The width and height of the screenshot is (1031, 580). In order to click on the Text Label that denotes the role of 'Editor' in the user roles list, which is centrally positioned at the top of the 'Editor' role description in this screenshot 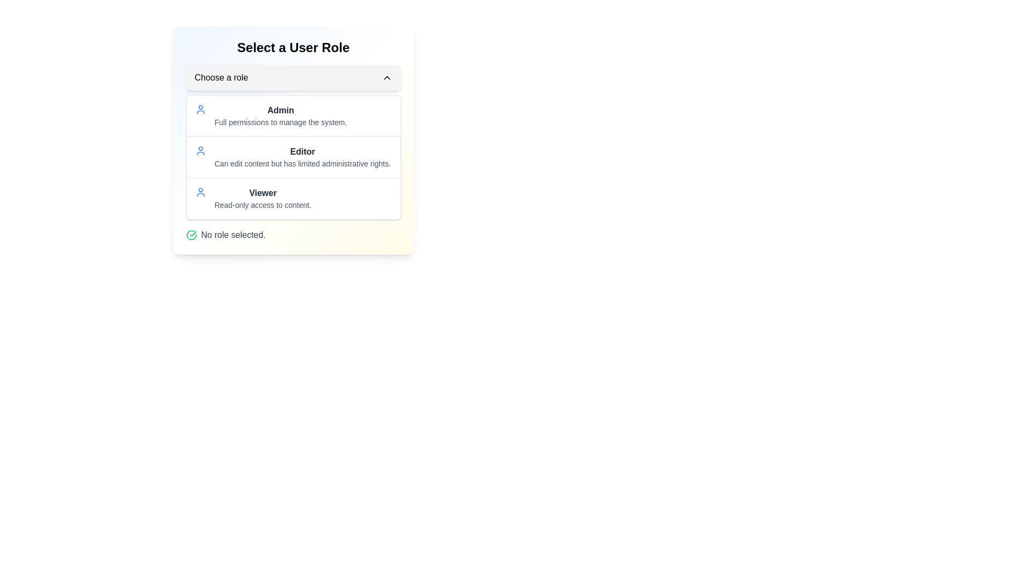, I will do `click(302, 151)`.